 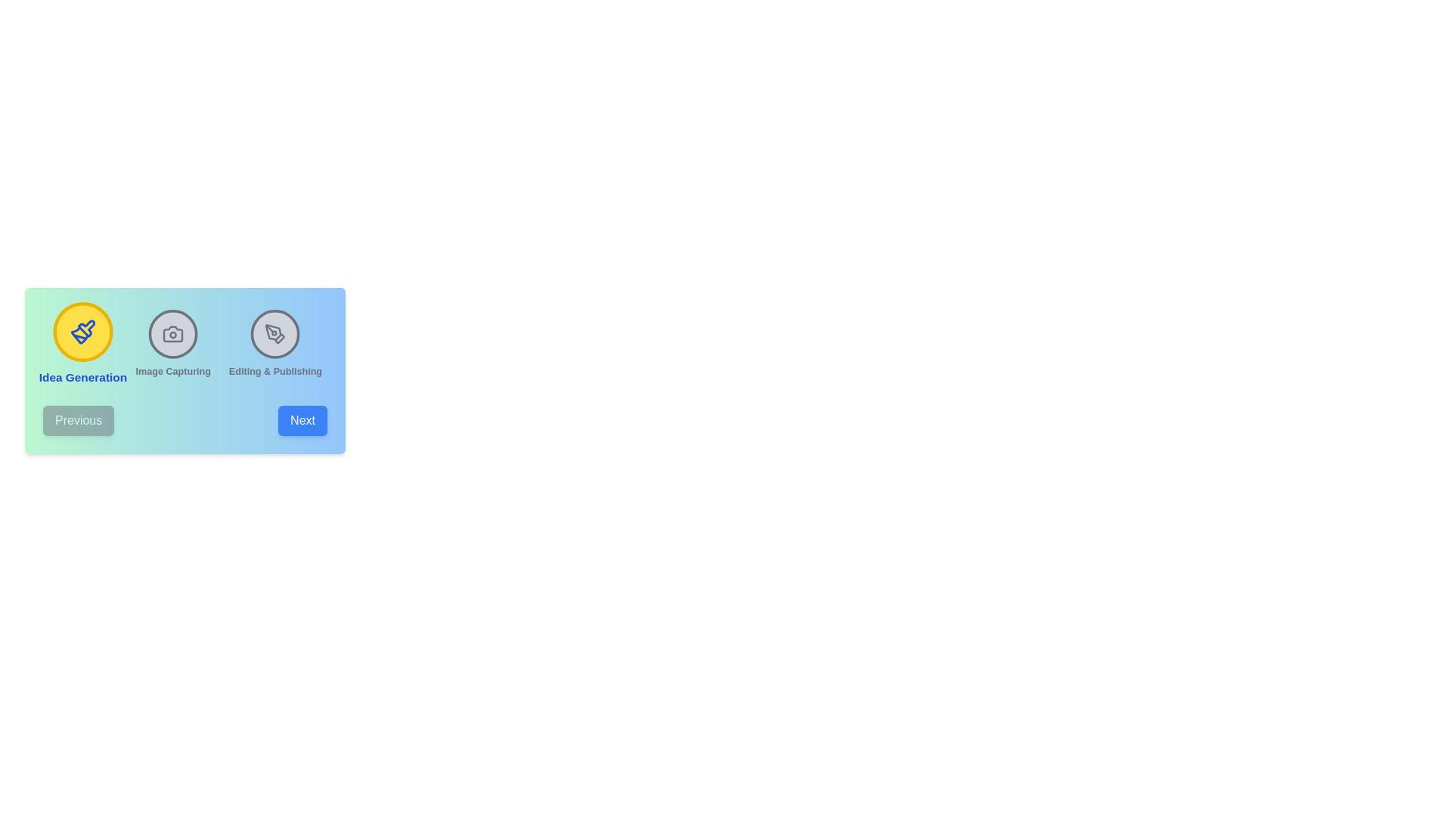 What do you see at coordinates (78, 420) in the screenshot?
I see `'Previous' button to navigate to the previous step in the stepper` at bounding box center [78, 420].